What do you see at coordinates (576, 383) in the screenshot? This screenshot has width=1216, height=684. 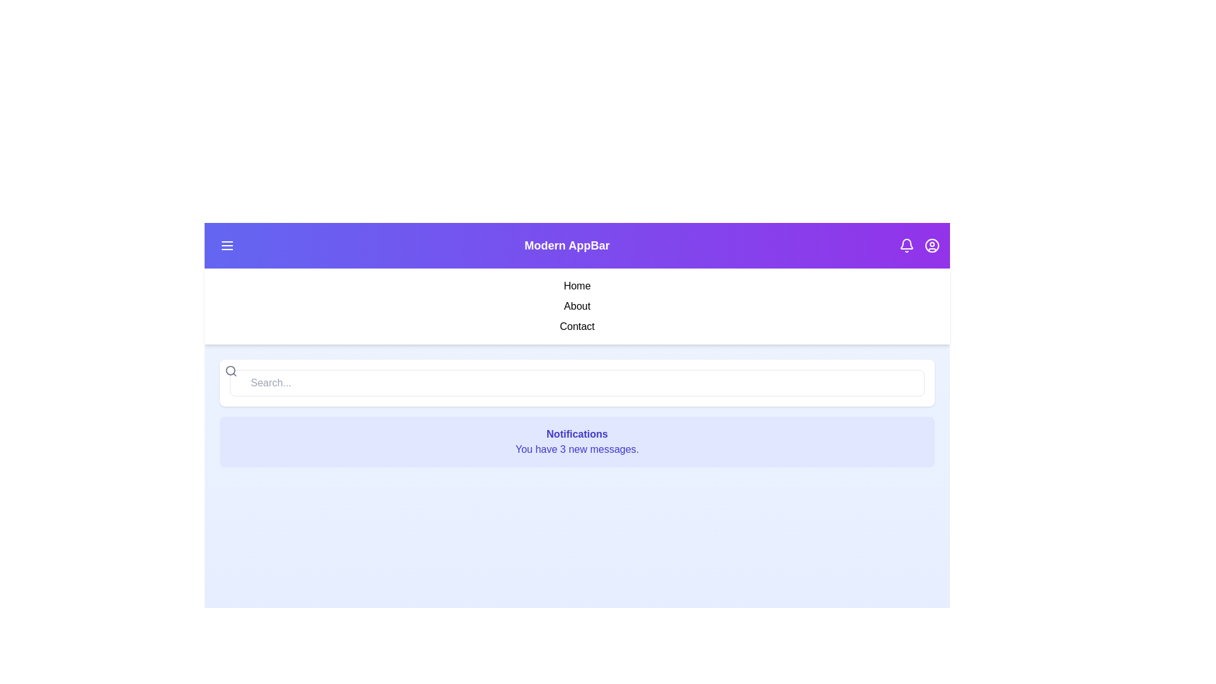 I see `the search input field to focus it and prepare for entering text` at bounding box center [576, 383].